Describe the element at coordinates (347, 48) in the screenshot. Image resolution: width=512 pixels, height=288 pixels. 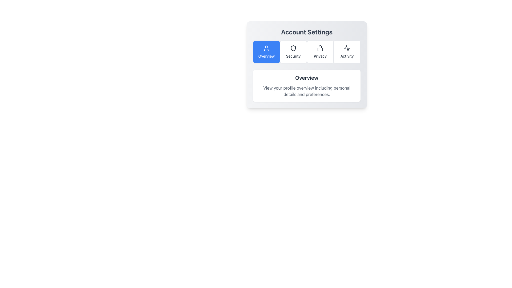
I see `the decorative or symbolic vector graphic representing the 'Activity' section in the 'Account Settings' interface` at that location.